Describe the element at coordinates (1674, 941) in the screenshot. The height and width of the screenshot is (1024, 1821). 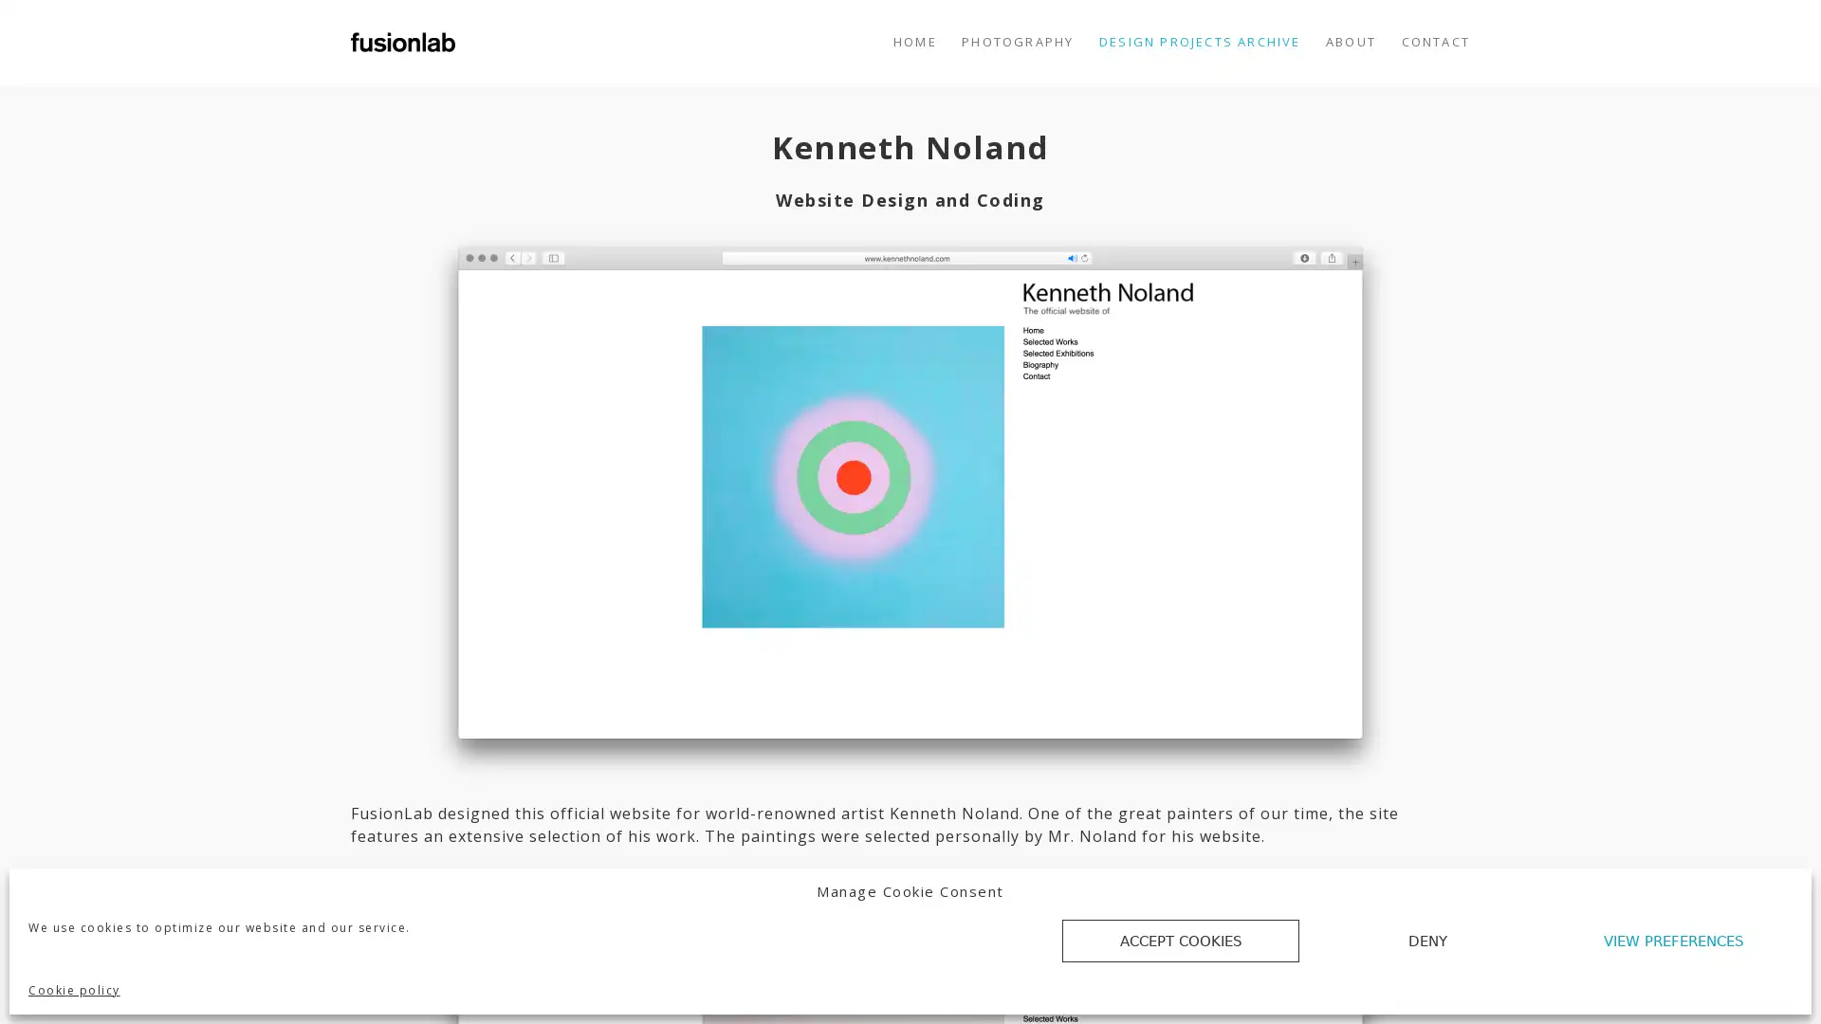
I see `VIEW PREFERENCES` at that location.